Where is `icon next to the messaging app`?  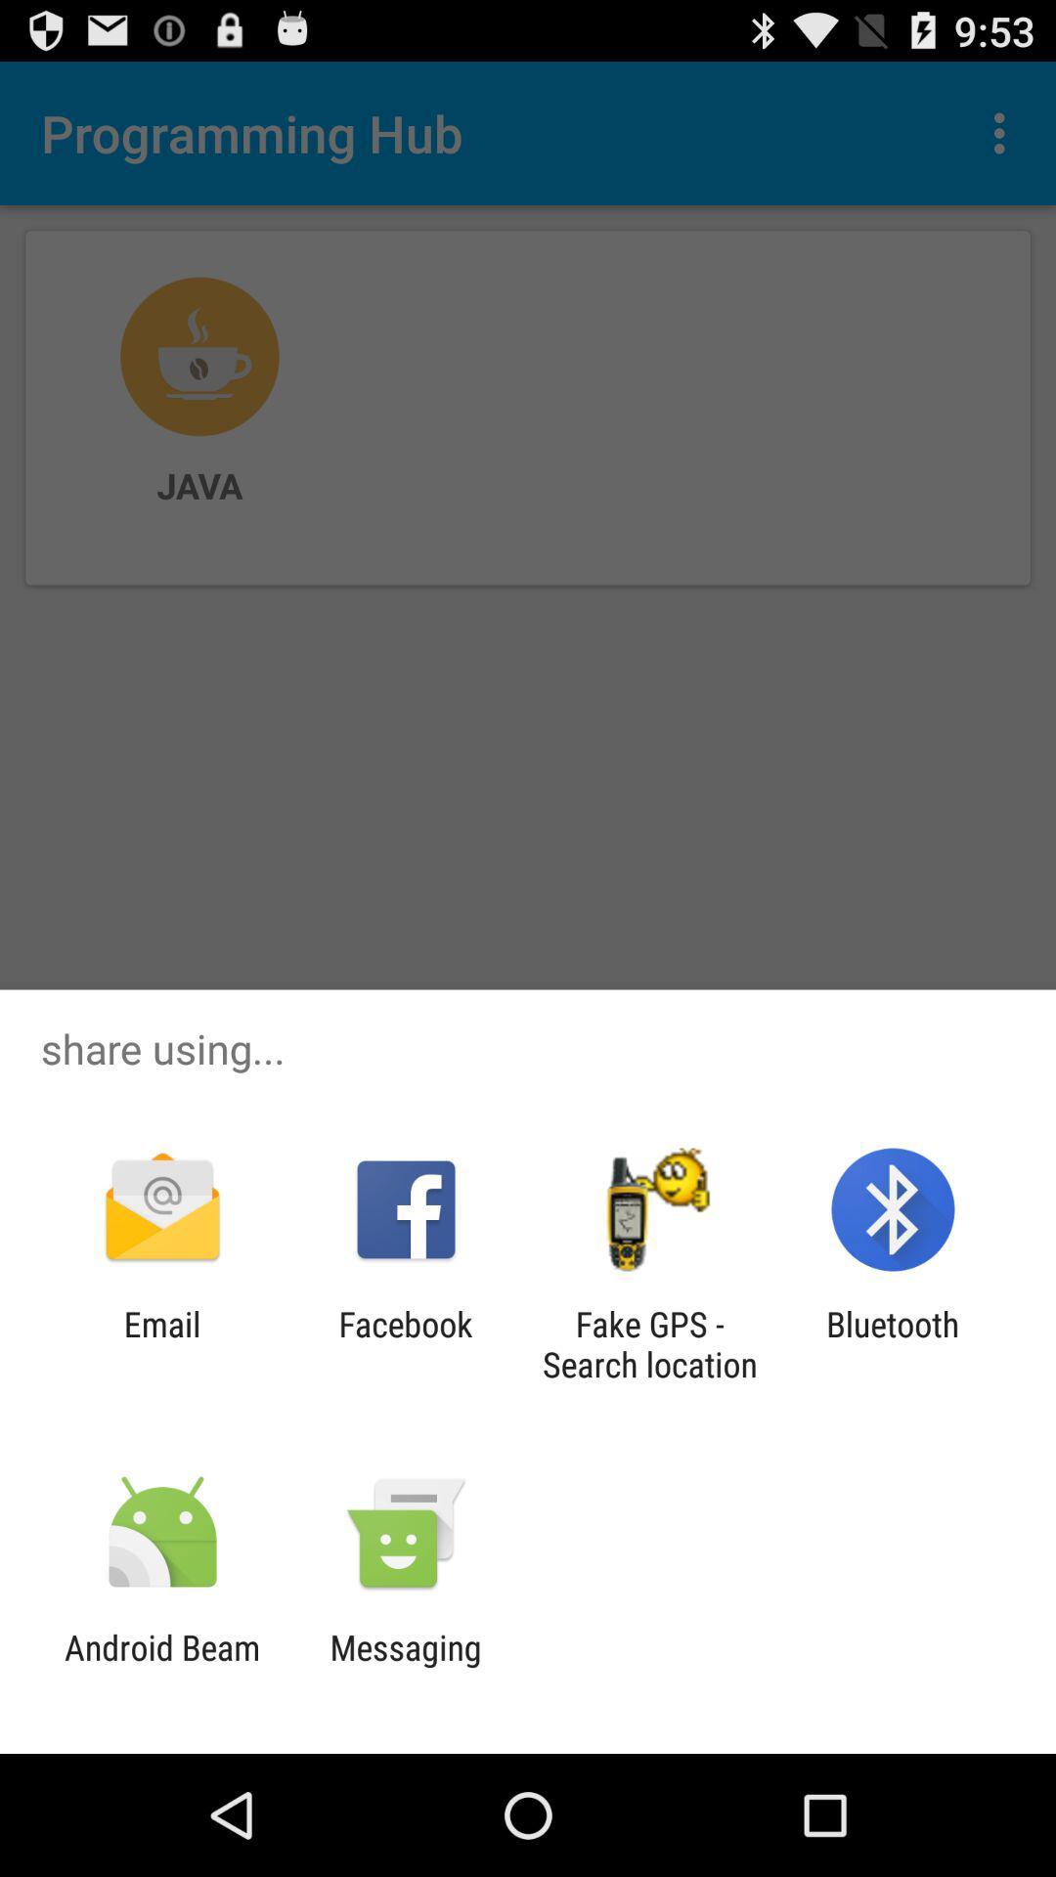 icon next to the messaging app is located at coordinates (161, 1667).